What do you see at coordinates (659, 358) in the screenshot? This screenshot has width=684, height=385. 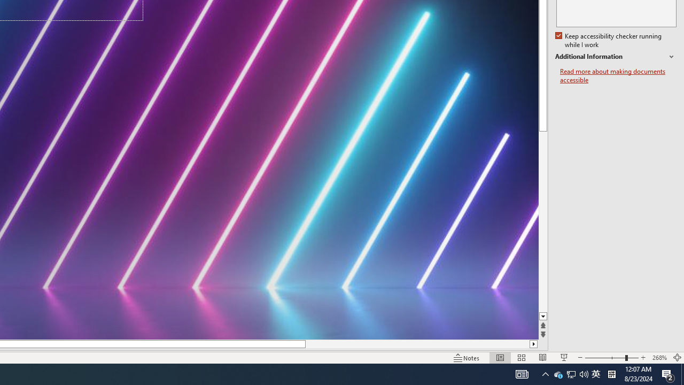 I see `'Zoom 268%'` at bounding box center [659, 358].